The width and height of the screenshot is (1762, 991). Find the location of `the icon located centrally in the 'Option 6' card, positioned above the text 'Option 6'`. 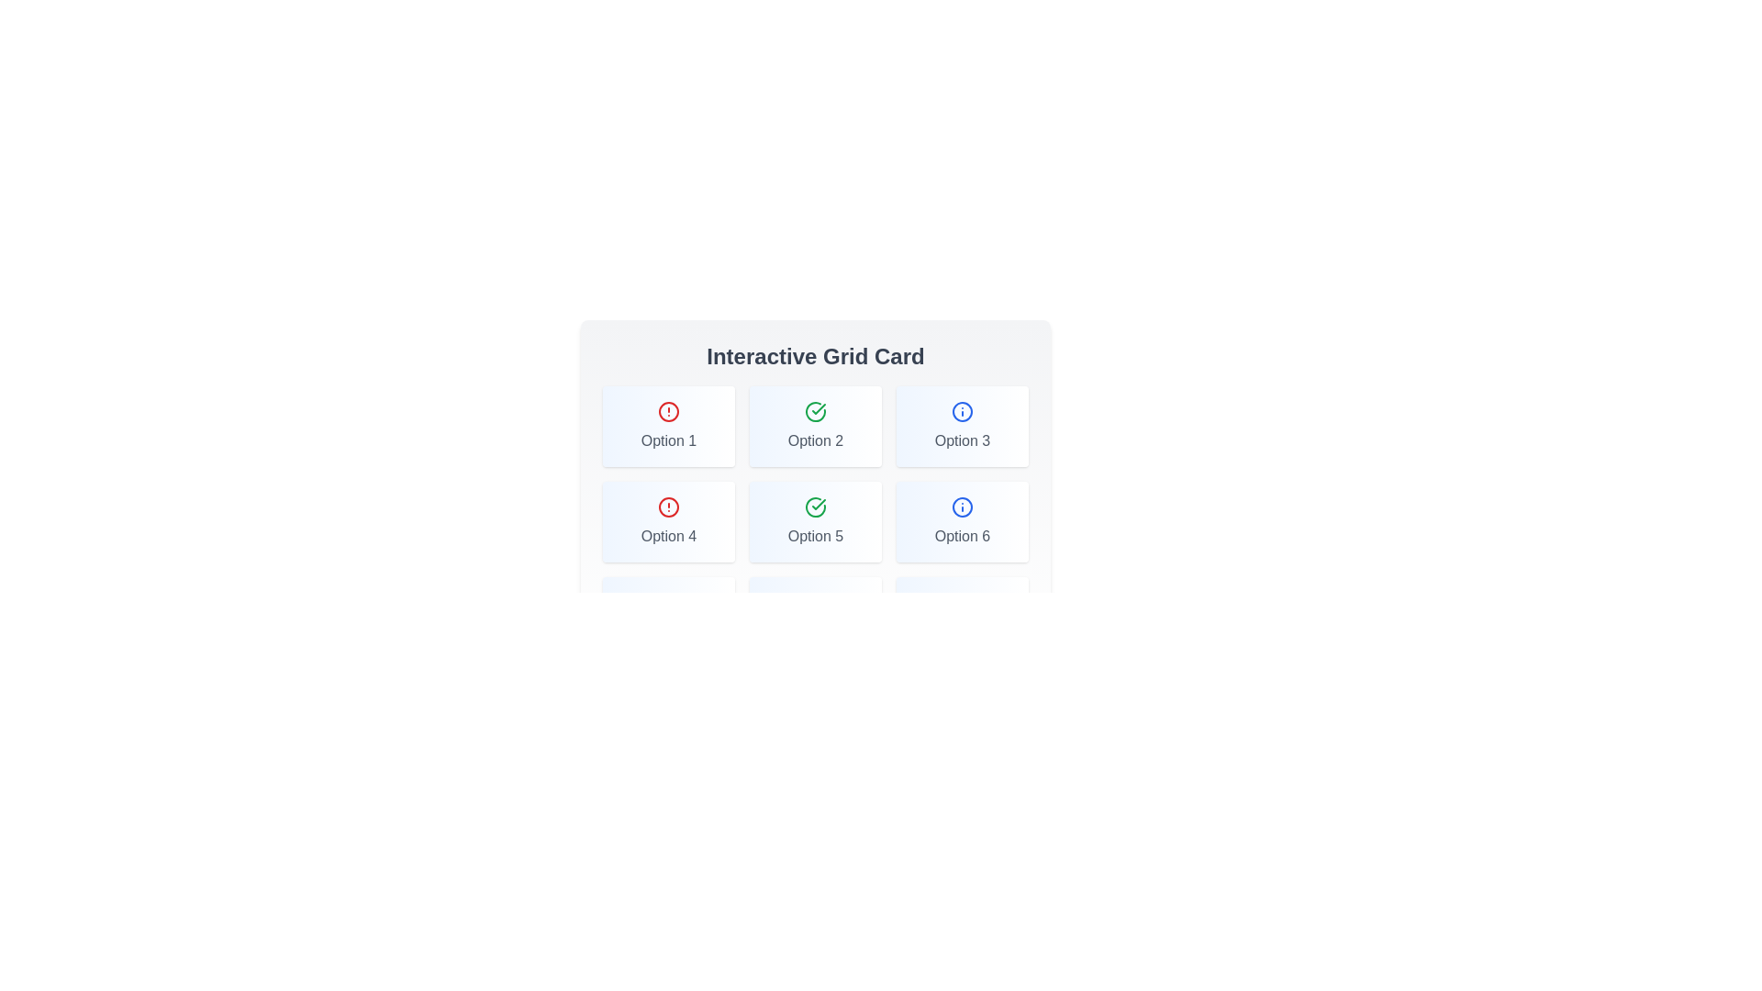

the icon located centrally in the 'Option 6' card, positioned above the text 'Option 6' is located at coordinates (962, 507).